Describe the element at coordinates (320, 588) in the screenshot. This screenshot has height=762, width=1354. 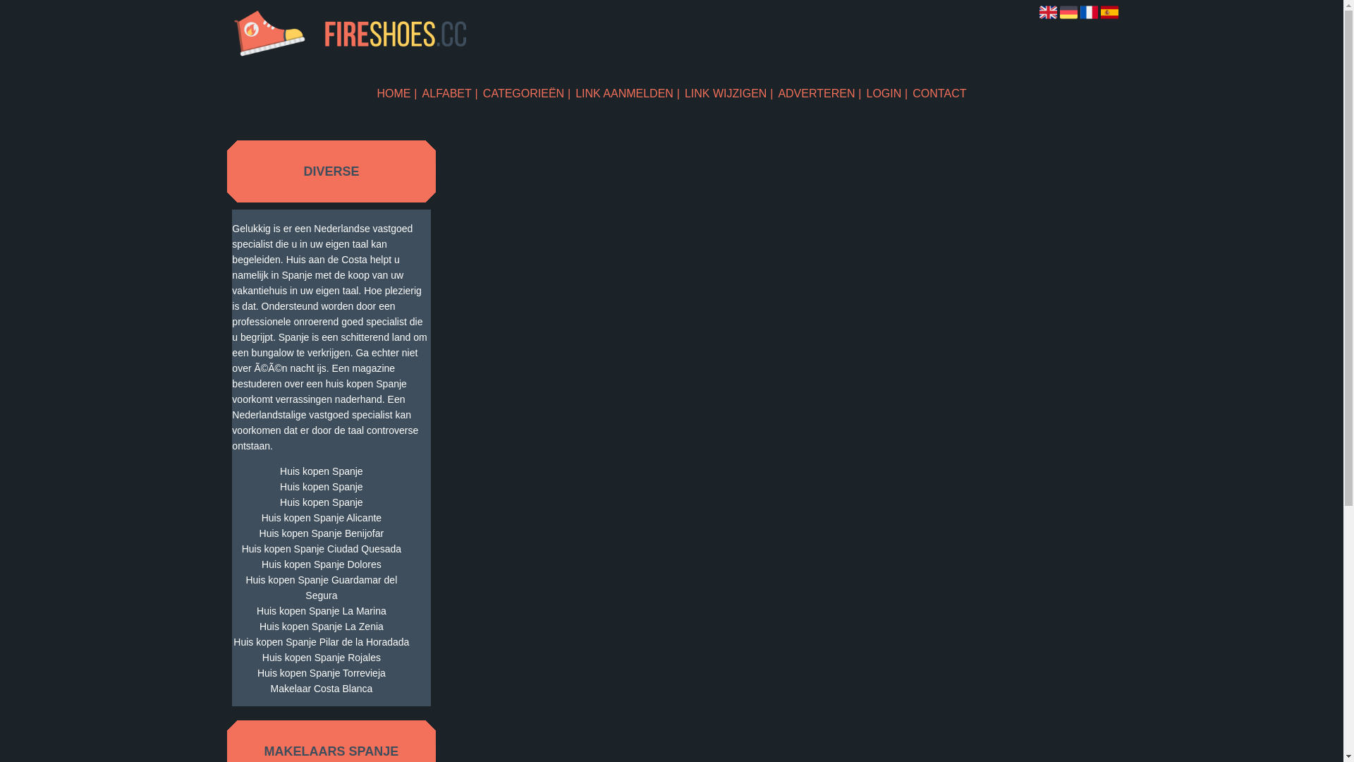
I see `'Huis kopen Spanje Guardamar del Segura'` at that location.